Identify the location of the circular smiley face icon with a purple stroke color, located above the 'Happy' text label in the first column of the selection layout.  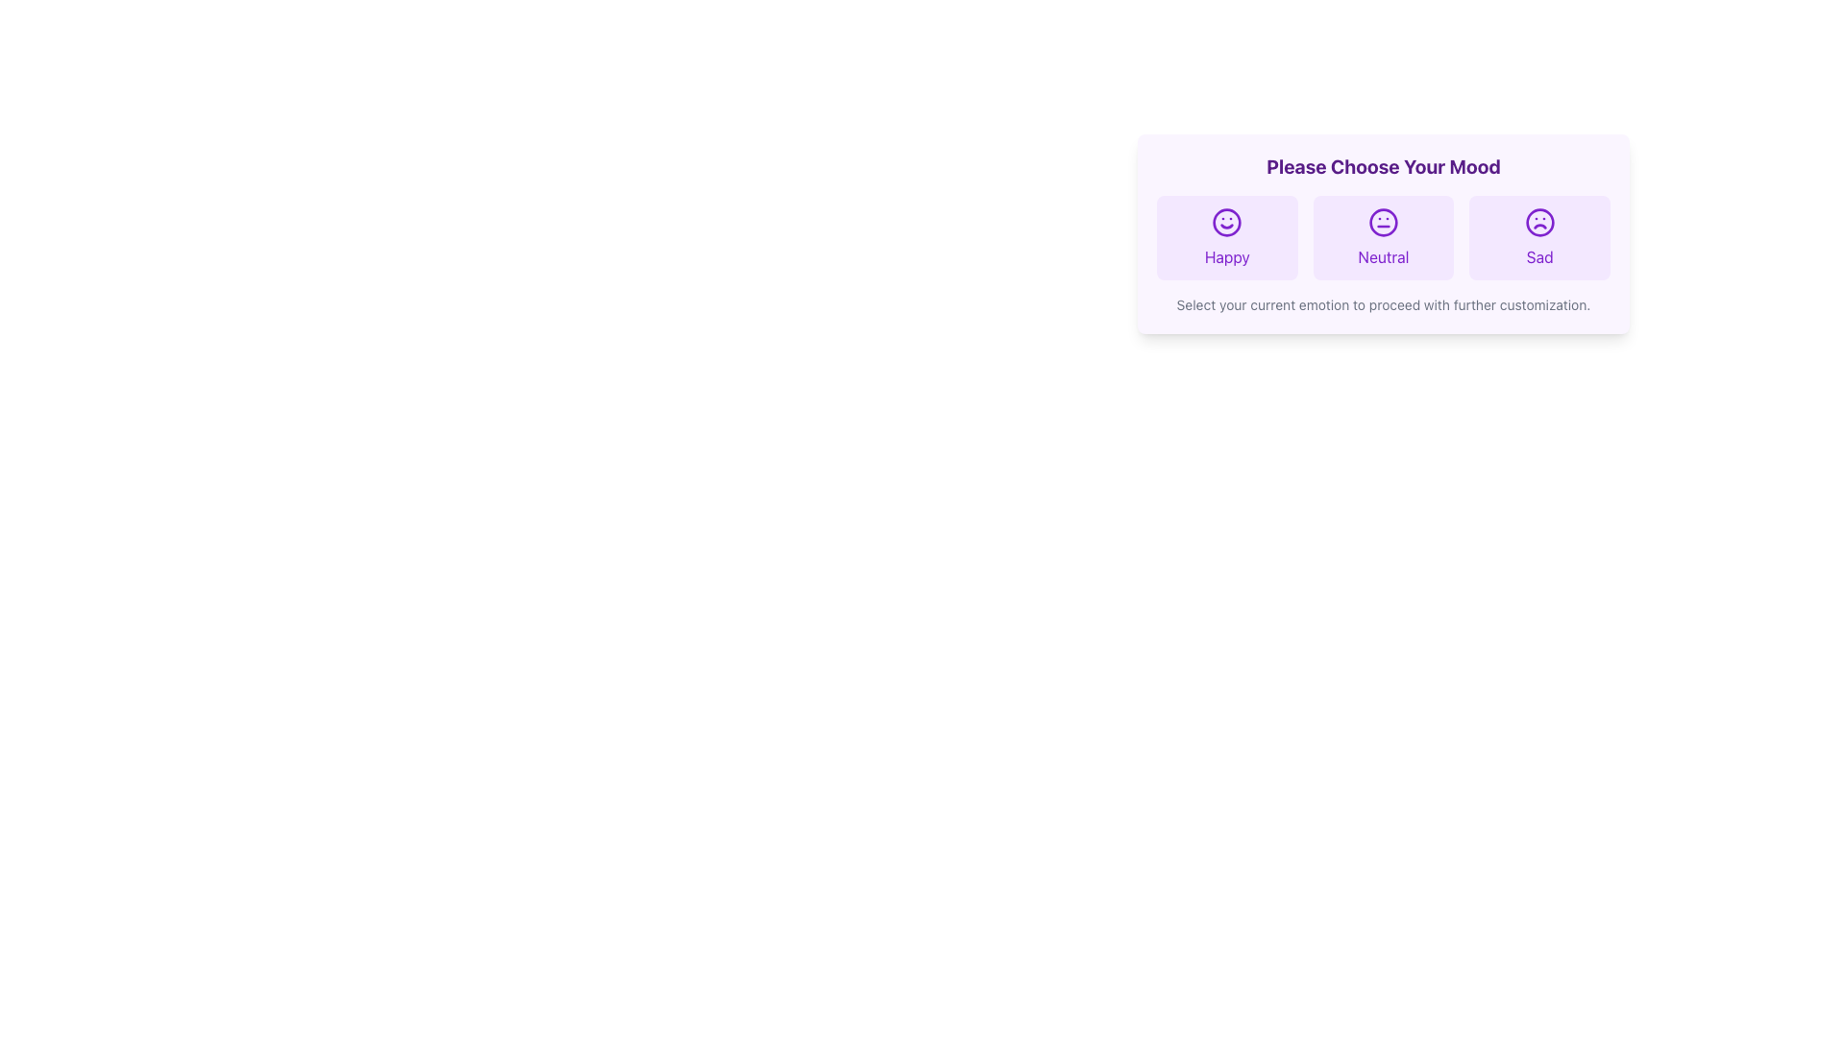
(1226, 221).